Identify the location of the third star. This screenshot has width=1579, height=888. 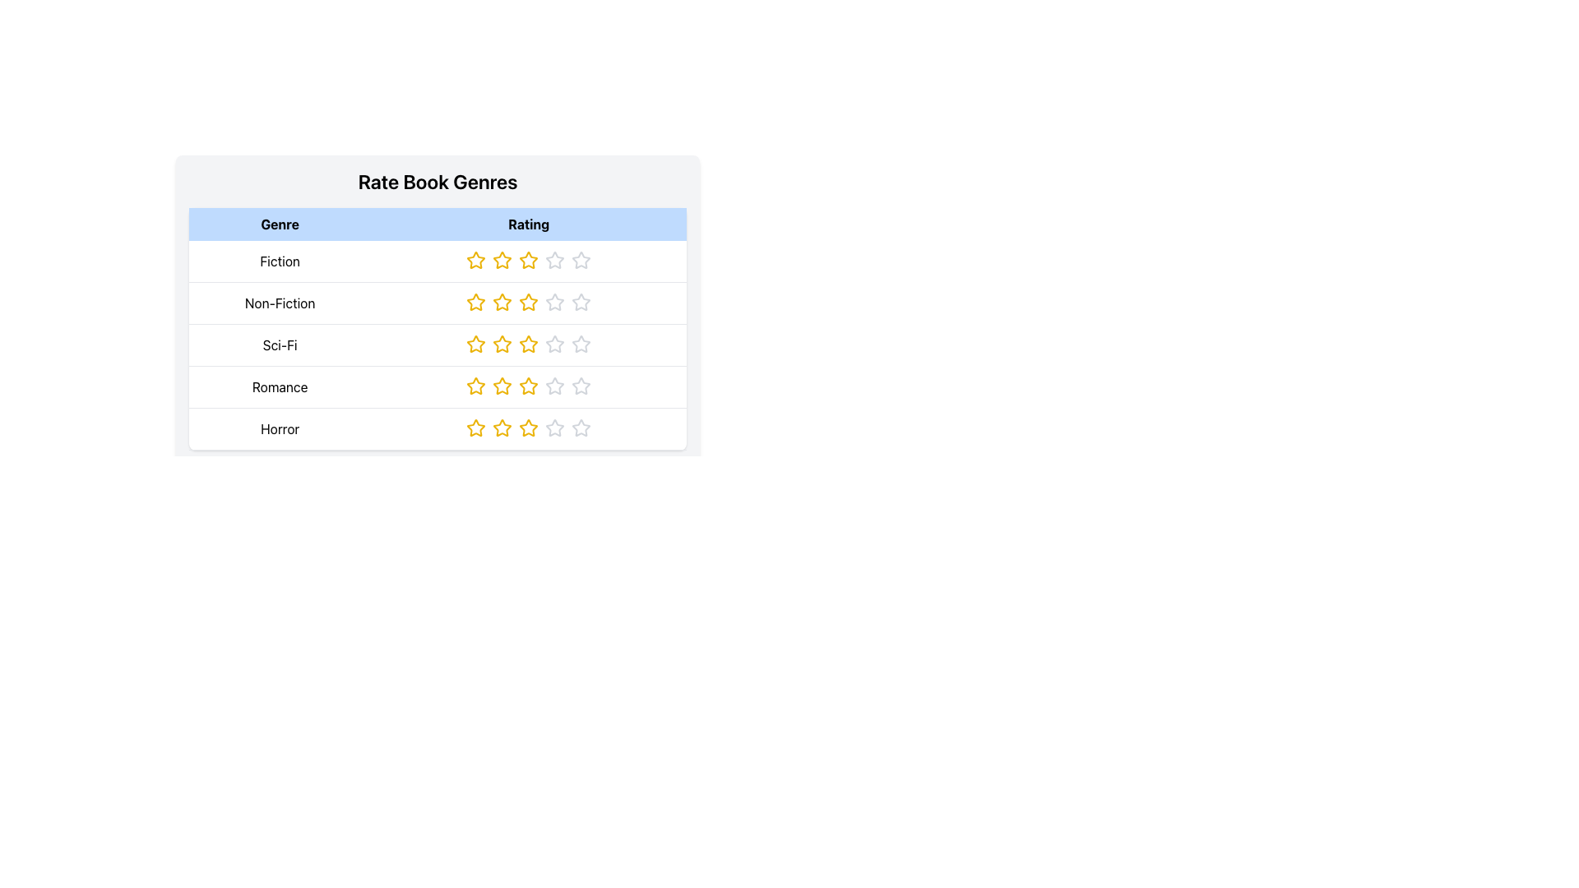
(529, 427).